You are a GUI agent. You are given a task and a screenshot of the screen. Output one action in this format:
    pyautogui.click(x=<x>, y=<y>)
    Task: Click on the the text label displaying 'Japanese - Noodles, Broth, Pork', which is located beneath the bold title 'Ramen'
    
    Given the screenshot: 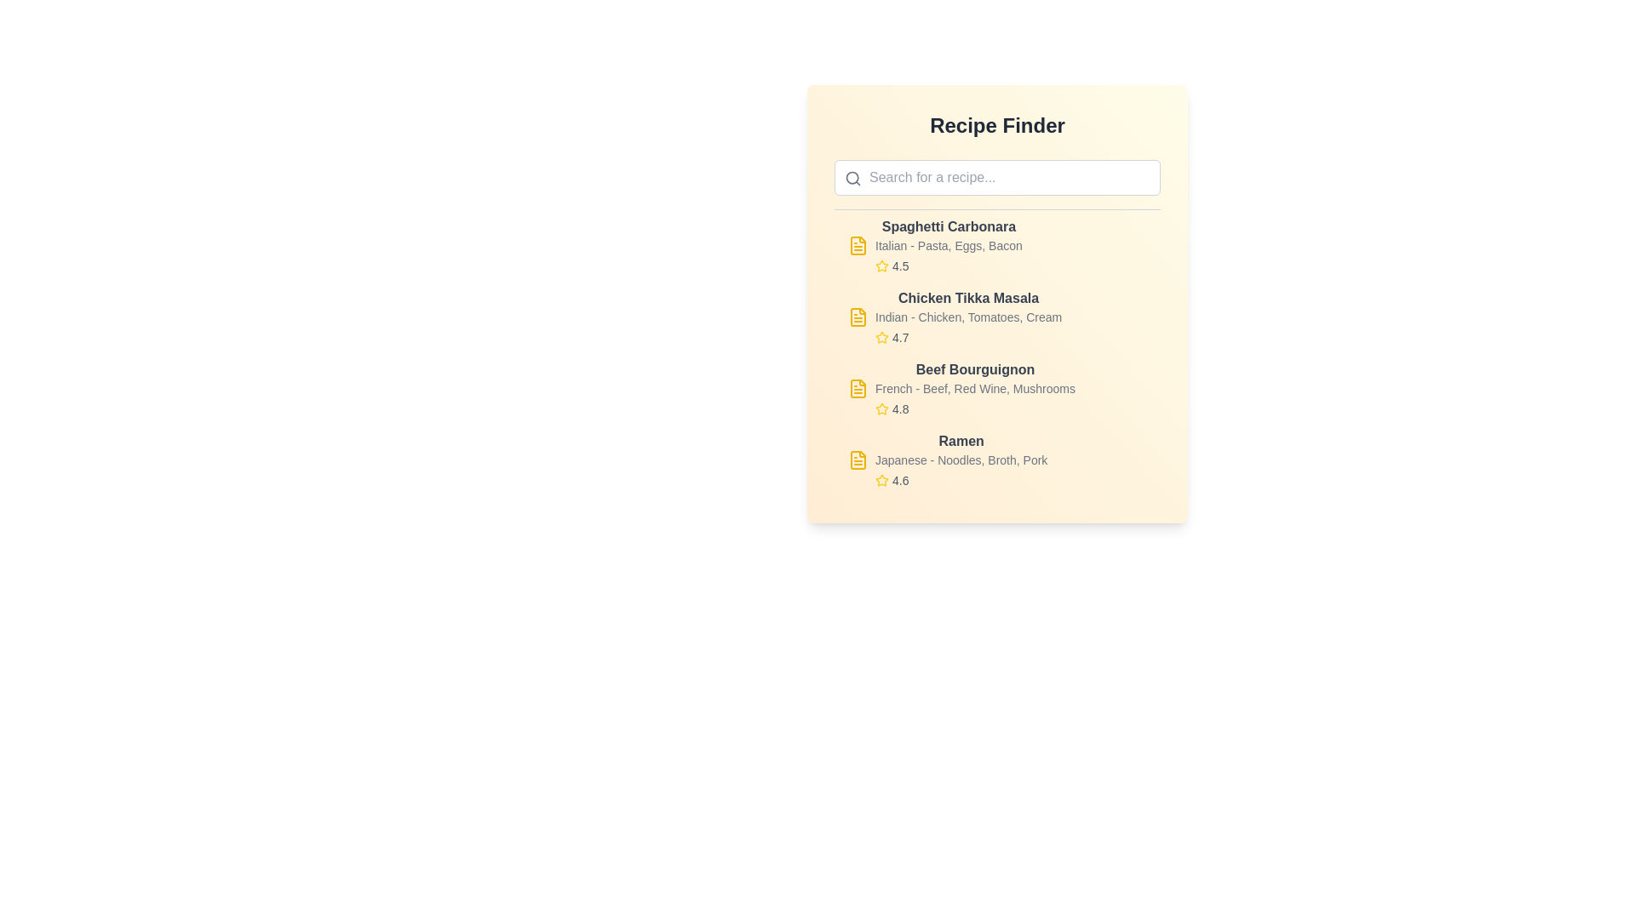 What is the action you would take?
    pyautogui.click(x=961, y=459)
    